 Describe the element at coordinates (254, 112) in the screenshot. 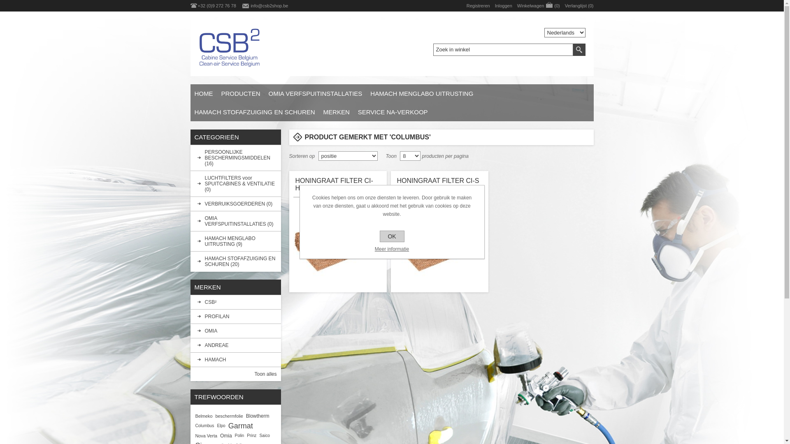

I see `'HAMACH STOFAFZUIGING EN SCHUREN'` at that location.